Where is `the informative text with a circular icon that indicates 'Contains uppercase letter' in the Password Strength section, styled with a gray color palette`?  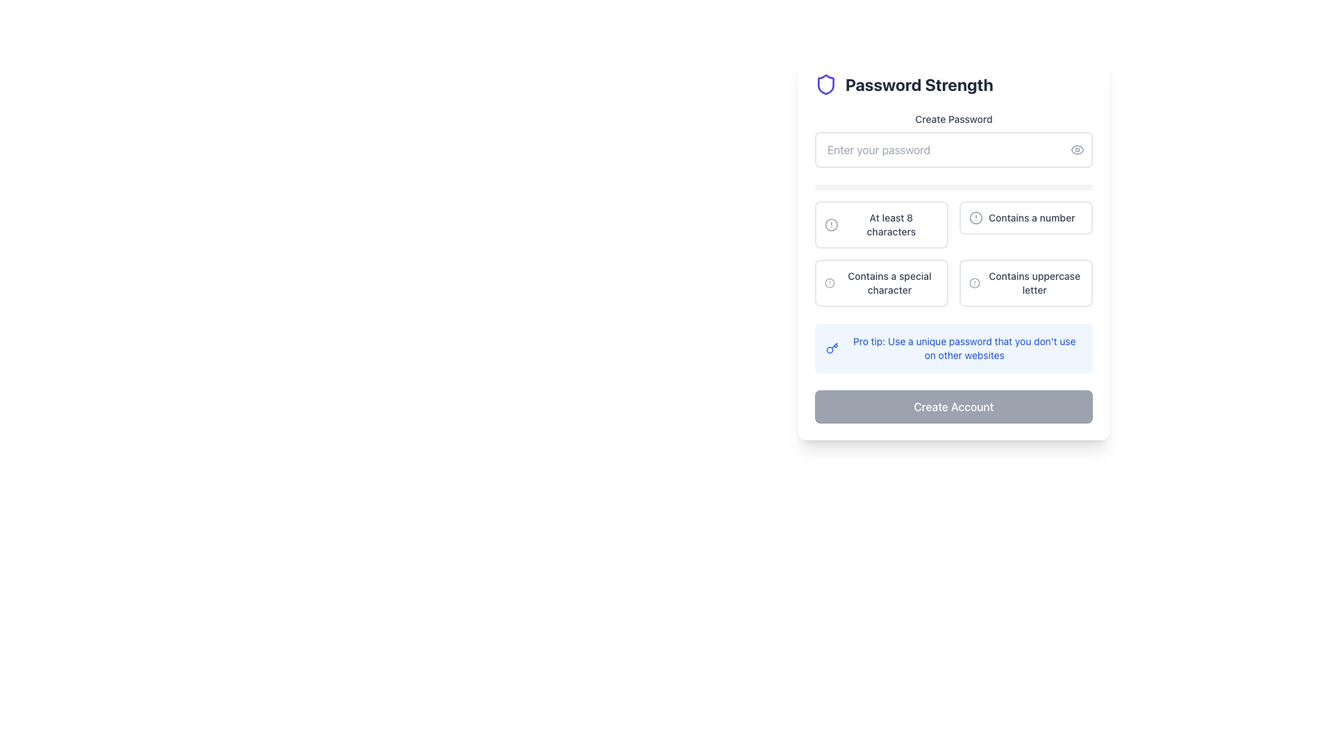
the informative text with a circular icon that indicates 'Contains uppercase letter' in the Password Strength section, styled with a gray color palette is located at coordinates (1026, 283).